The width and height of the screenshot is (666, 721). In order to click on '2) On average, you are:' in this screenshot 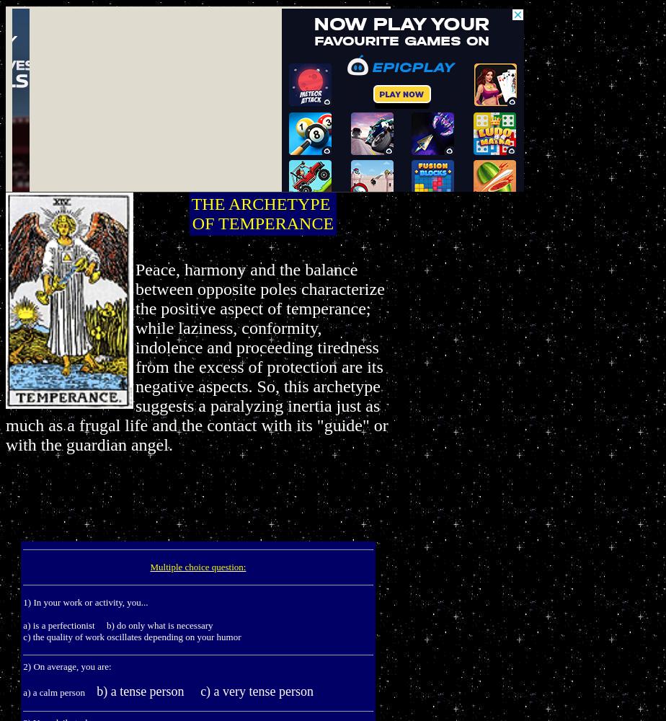, I will do `click(66, 666)`.